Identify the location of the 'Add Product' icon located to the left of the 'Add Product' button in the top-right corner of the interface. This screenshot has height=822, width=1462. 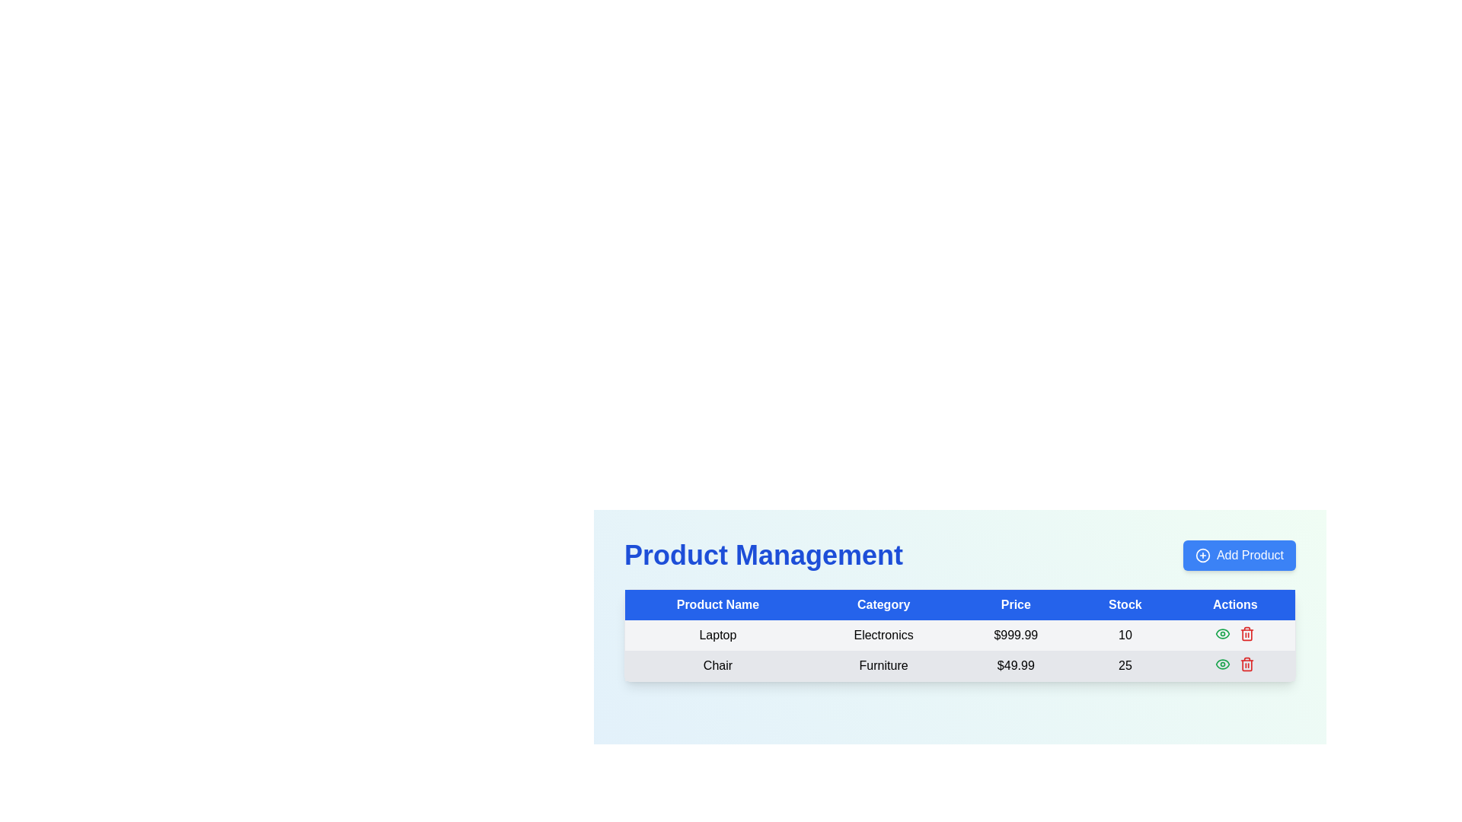
(1202, 555).